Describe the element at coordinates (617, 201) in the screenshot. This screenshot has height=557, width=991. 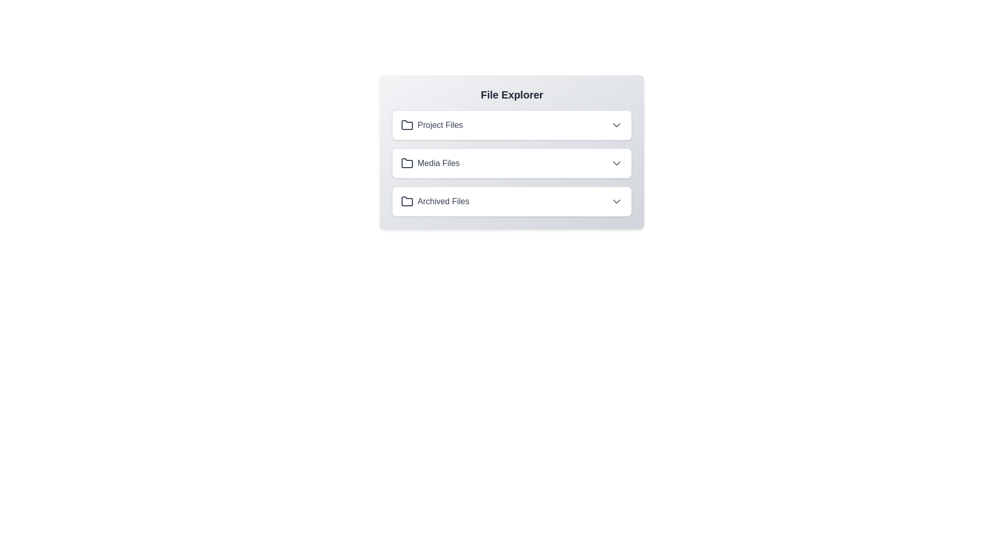
I see `the toggle button for the folder named Archived Files` at that location.